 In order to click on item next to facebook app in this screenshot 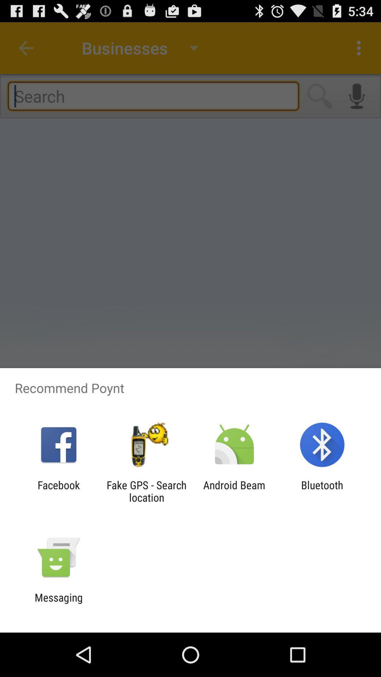, I will do `click(146, 491)`.